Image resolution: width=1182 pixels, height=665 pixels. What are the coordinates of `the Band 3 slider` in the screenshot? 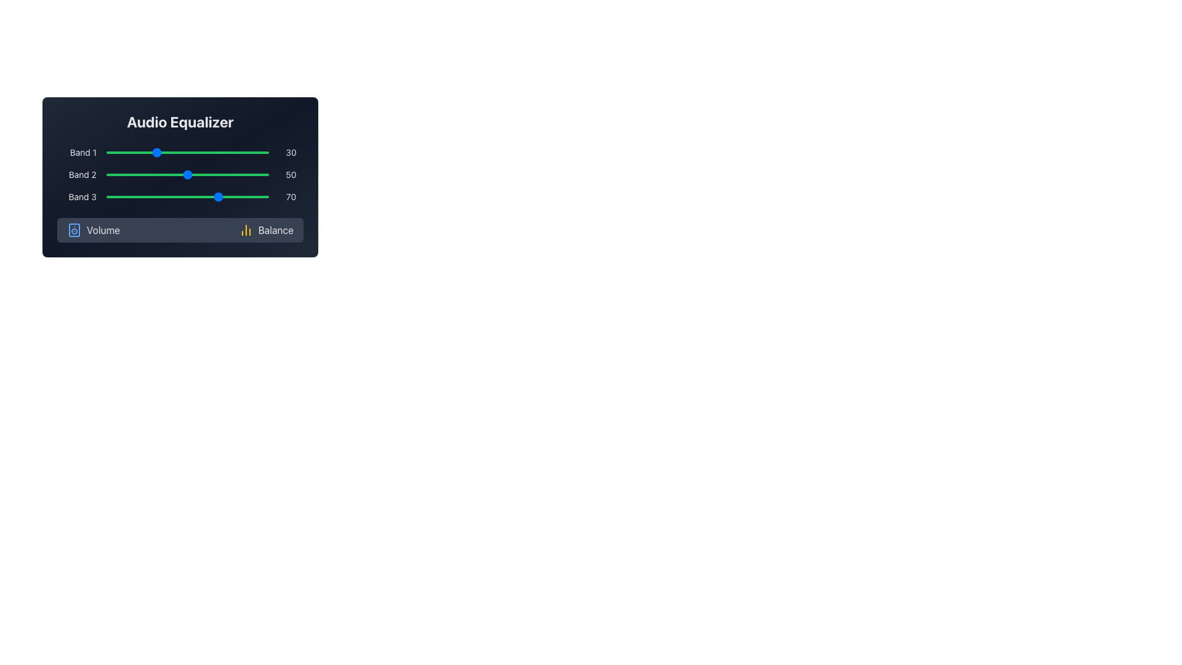 It's located at (129, 196).